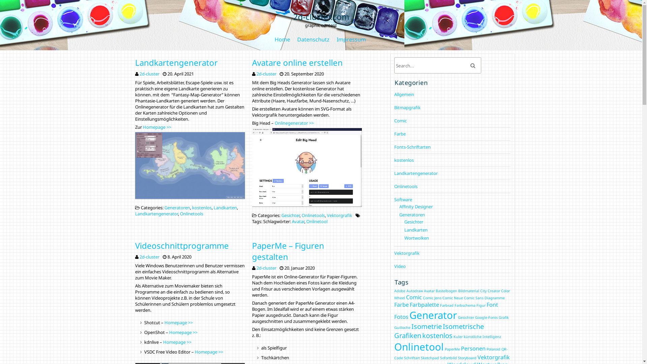 The image size is (647, 364). What do you see at coordinates (465, 305) in the screenshot?
I see `'Farbschema'` at bounding box center [465, 305].